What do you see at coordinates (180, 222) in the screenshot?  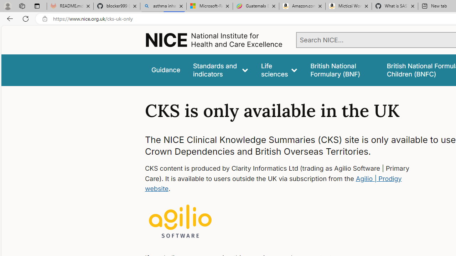 I see `'Logo for Clarity Consulting'` at bounding box center [180, 222].